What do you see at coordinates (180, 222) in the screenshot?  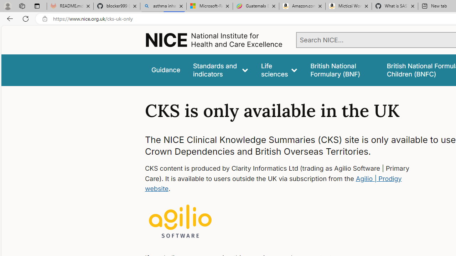 I see `'Logo for Clarity Consulting'` at bounding box center [180, 222].